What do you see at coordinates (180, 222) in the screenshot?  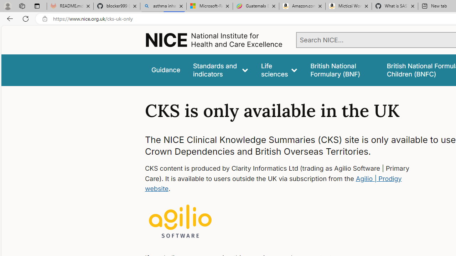 I see `'Logo for Clarity Consulting'` at bounding box center [180, 222].